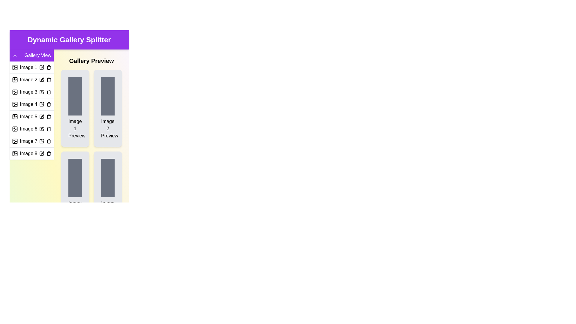 This screenshot has width=576, height=324. What do you see at coordinates (42, 67) in the screenshot?
I see `the edit pen icon associated with 'Image 1' in the 'Gallery View' list` at bounding box center [42, 67].